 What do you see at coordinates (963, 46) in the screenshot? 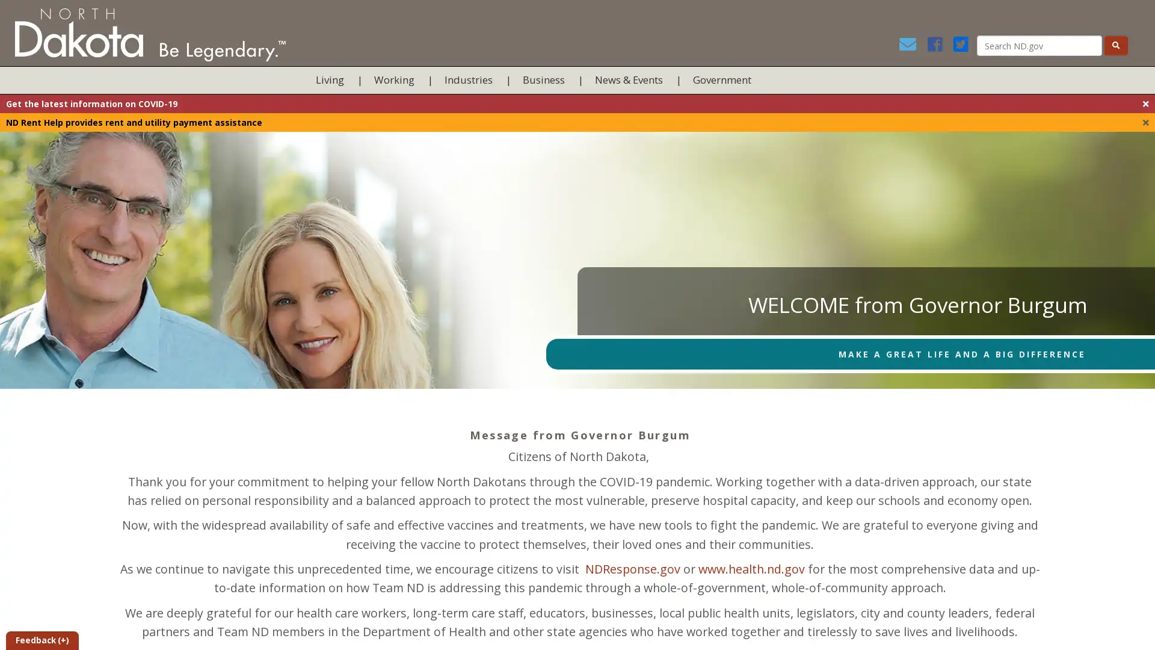
I see `Follow Us on Twitter` at bounding box center [963, 46].